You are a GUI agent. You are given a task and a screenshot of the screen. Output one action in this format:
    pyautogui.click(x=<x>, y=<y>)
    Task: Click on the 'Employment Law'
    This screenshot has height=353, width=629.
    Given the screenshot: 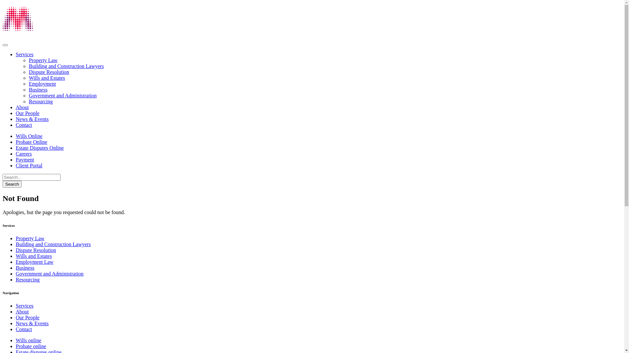 What is the action you would take?
    pyautogui.click(x=16, y=261)
    